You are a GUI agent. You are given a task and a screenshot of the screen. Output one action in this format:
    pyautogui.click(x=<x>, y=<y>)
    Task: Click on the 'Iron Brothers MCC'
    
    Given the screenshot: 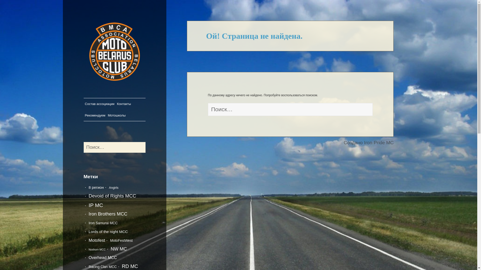 What is the action you would take?
    pyautogui.click(x=89, y=214)
    